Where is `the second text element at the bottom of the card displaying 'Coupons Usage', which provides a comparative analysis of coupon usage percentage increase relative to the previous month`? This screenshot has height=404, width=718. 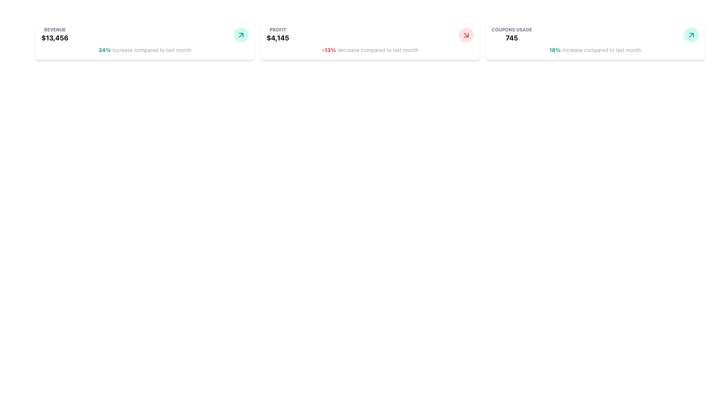
the second text element at the bottom of the card displaying 'Coupons Usage', which provides a comparative analysis of coupon usage percentage increase relative to the previous month is located at coordinates (595, 50).